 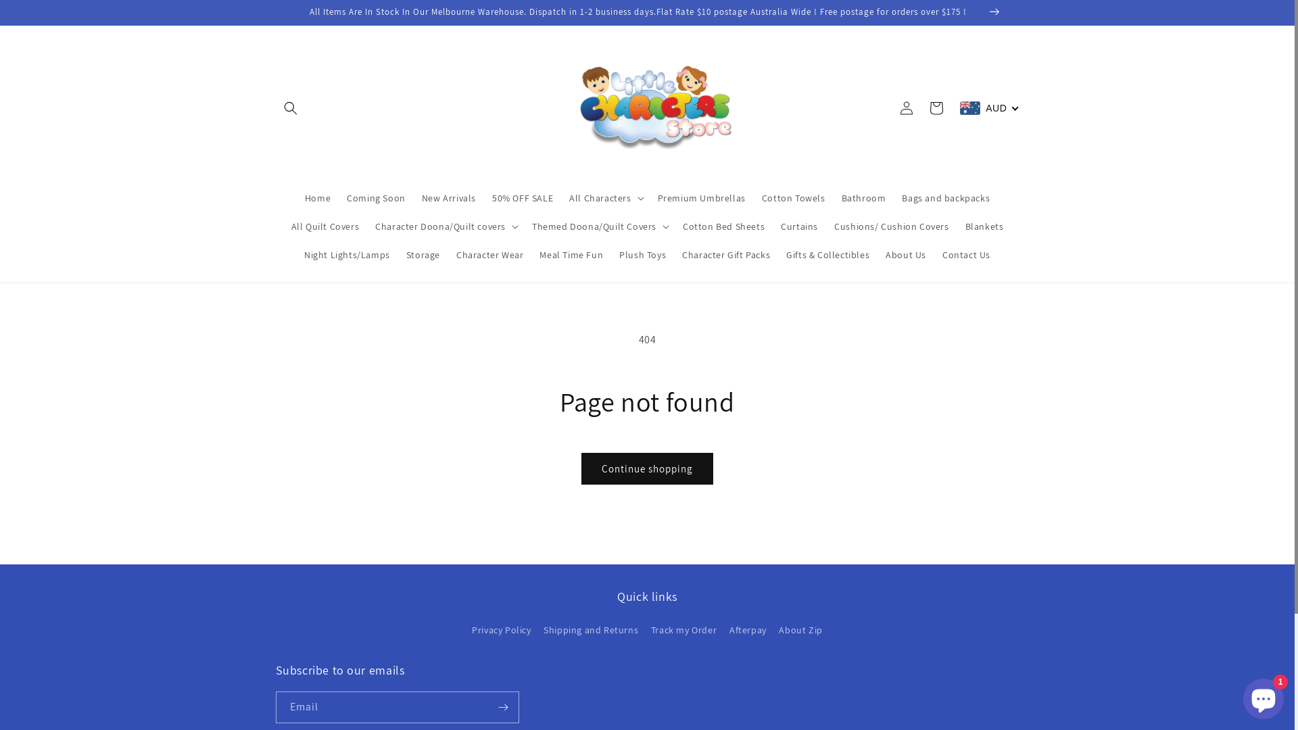 I want to click on 'Curtains', so click(x=799, y=226).